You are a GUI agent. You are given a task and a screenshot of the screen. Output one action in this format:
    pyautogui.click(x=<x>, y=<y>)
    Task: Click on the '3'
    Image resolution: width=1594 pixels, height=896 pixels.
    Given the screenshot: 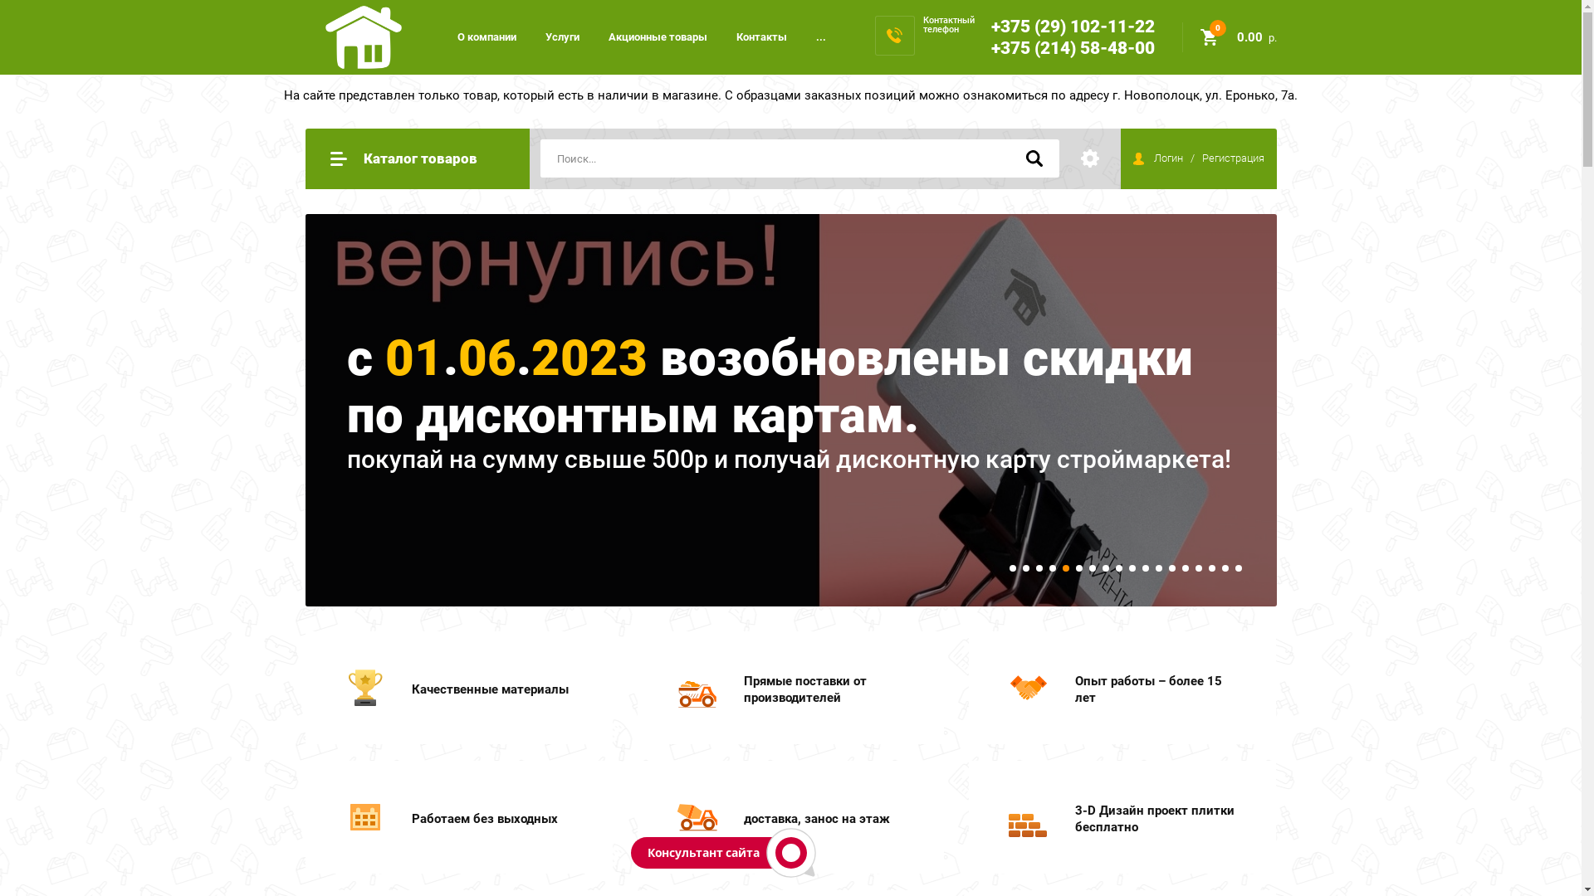 What is the action you would take?
    pyautogui.click(x=1035, y=567)
    